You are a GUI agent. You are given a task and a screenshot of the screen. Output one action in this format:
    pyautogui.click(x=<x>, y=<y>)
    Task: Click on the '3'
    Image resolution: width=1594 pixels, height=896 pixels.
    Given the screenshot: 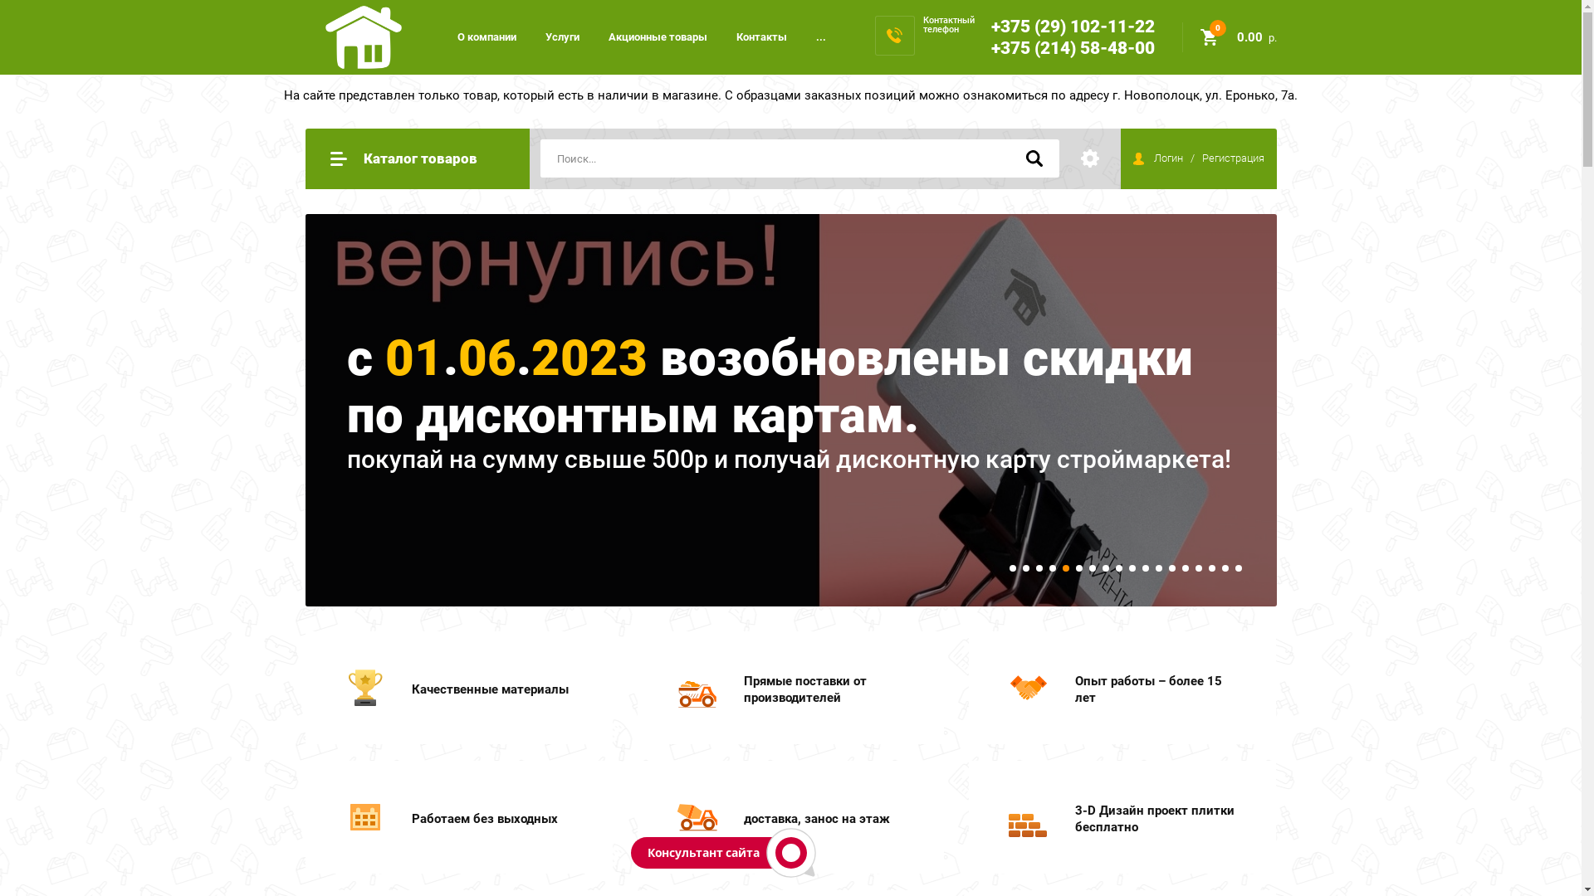 What is the action you would take?
    pyautogui.click(x=1035, y=567)
    